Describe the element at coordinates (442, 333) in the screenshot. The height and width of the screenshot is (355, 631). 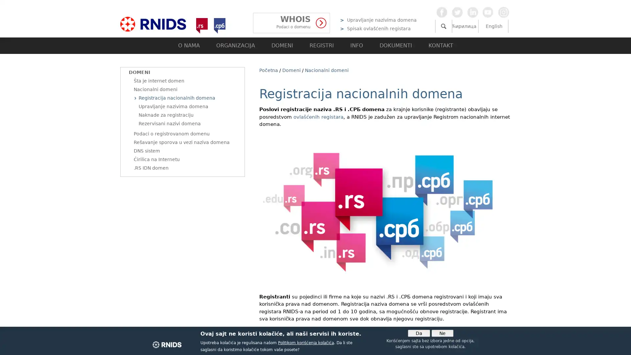
I see `Ne` at that location.